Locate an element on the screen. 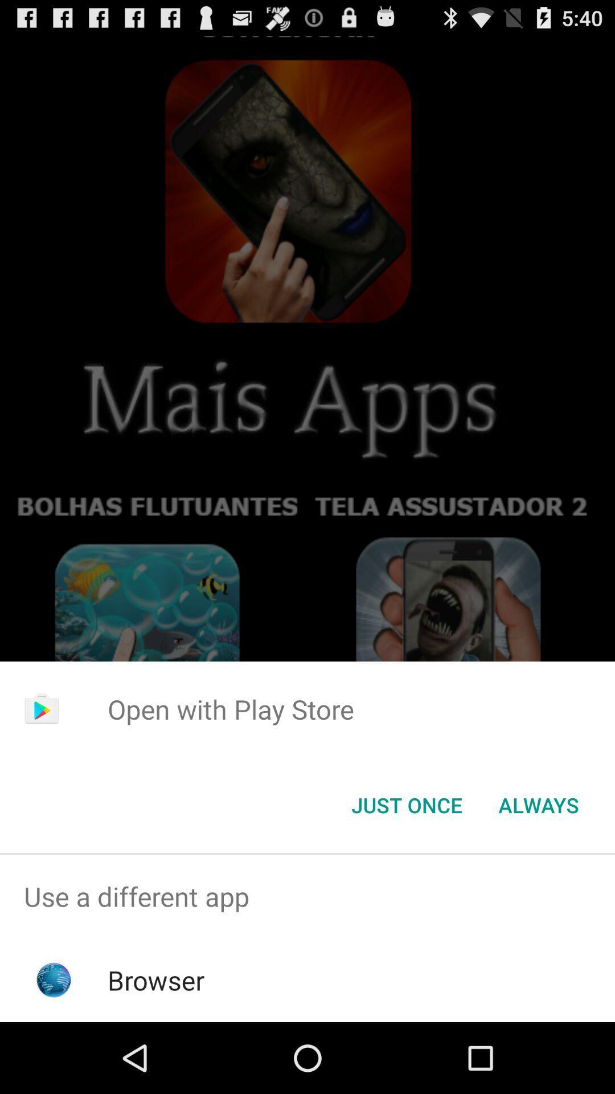 The height and width of the screenshot is (1094, 615). the item at the bottom right corner is located at coordinates (538, 804).